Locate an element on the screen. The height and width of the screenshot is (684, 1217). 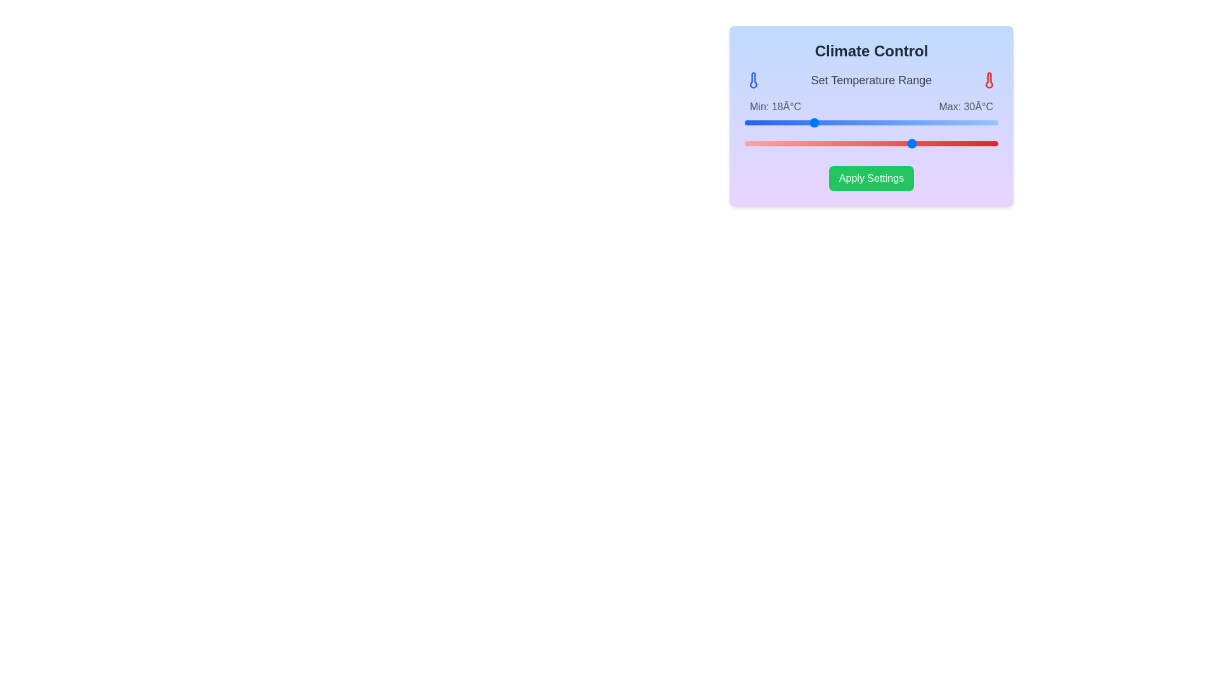
the maximum temperature range to 17°C using the right slider is located at coordinates (803, 143).